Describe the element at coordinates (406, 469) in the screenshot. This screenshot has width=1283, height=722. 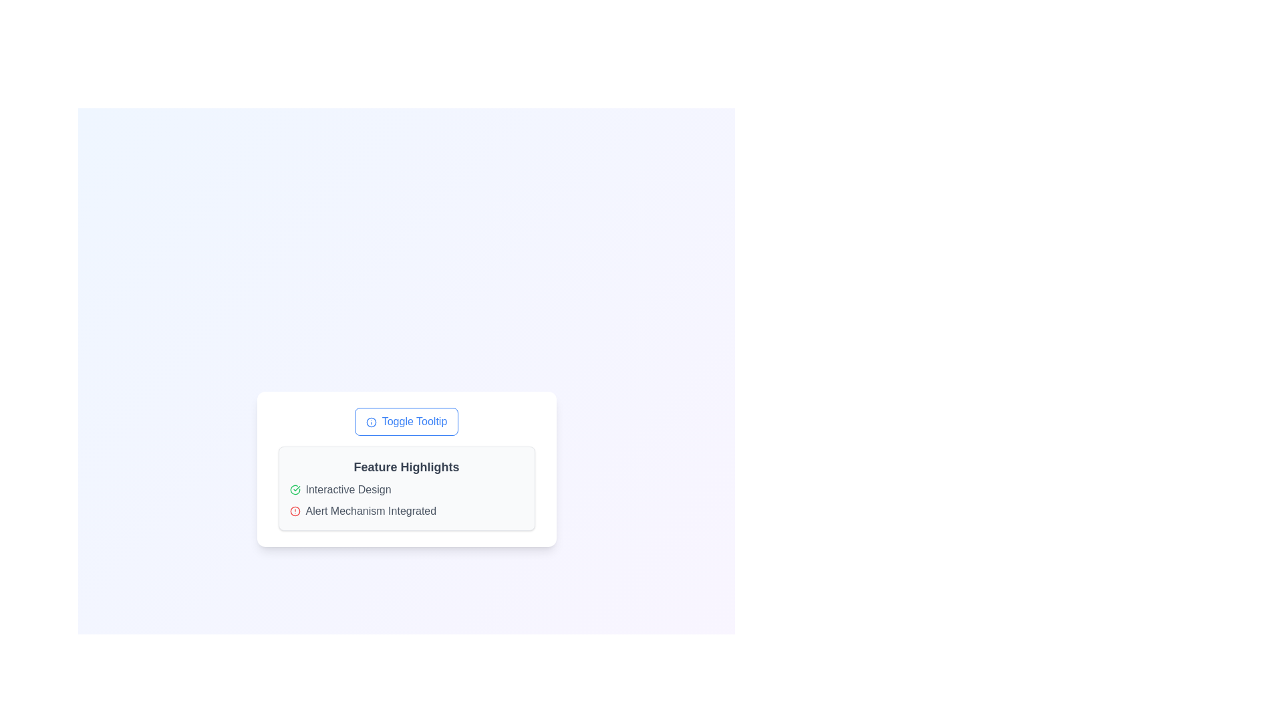
I see `the Information Panel, which displays important feature highlights and is located centrally beneath the 'Toggle Tooltip' button` at that location.